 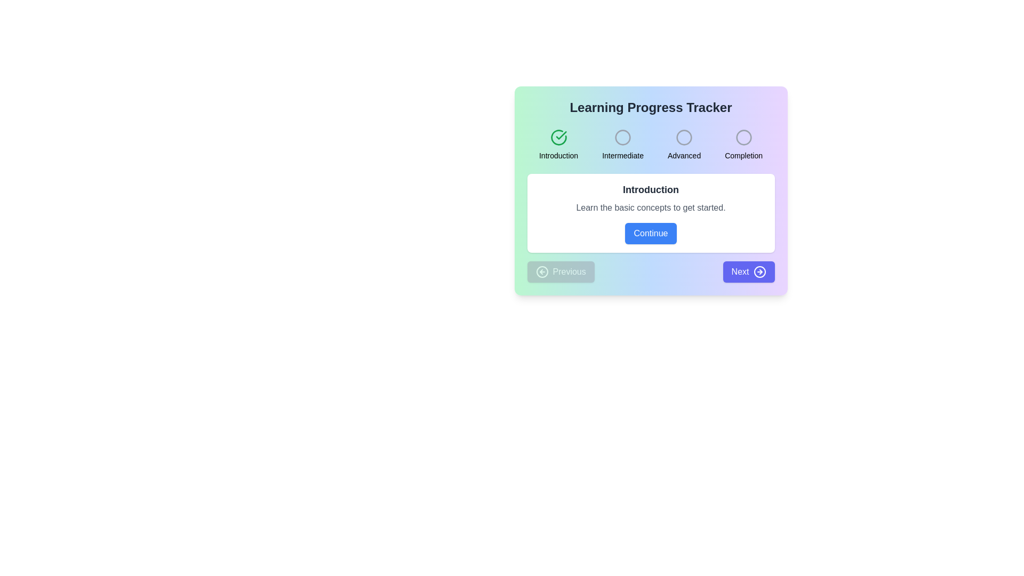 What do you see at coordinates (560, 271) in the screenshot?
I see `the 'Previous' button, which is a rectangular button with rounded corners, gray background, and an arrow icon pointing left before the text in white color` at bounding box center [560, 271].